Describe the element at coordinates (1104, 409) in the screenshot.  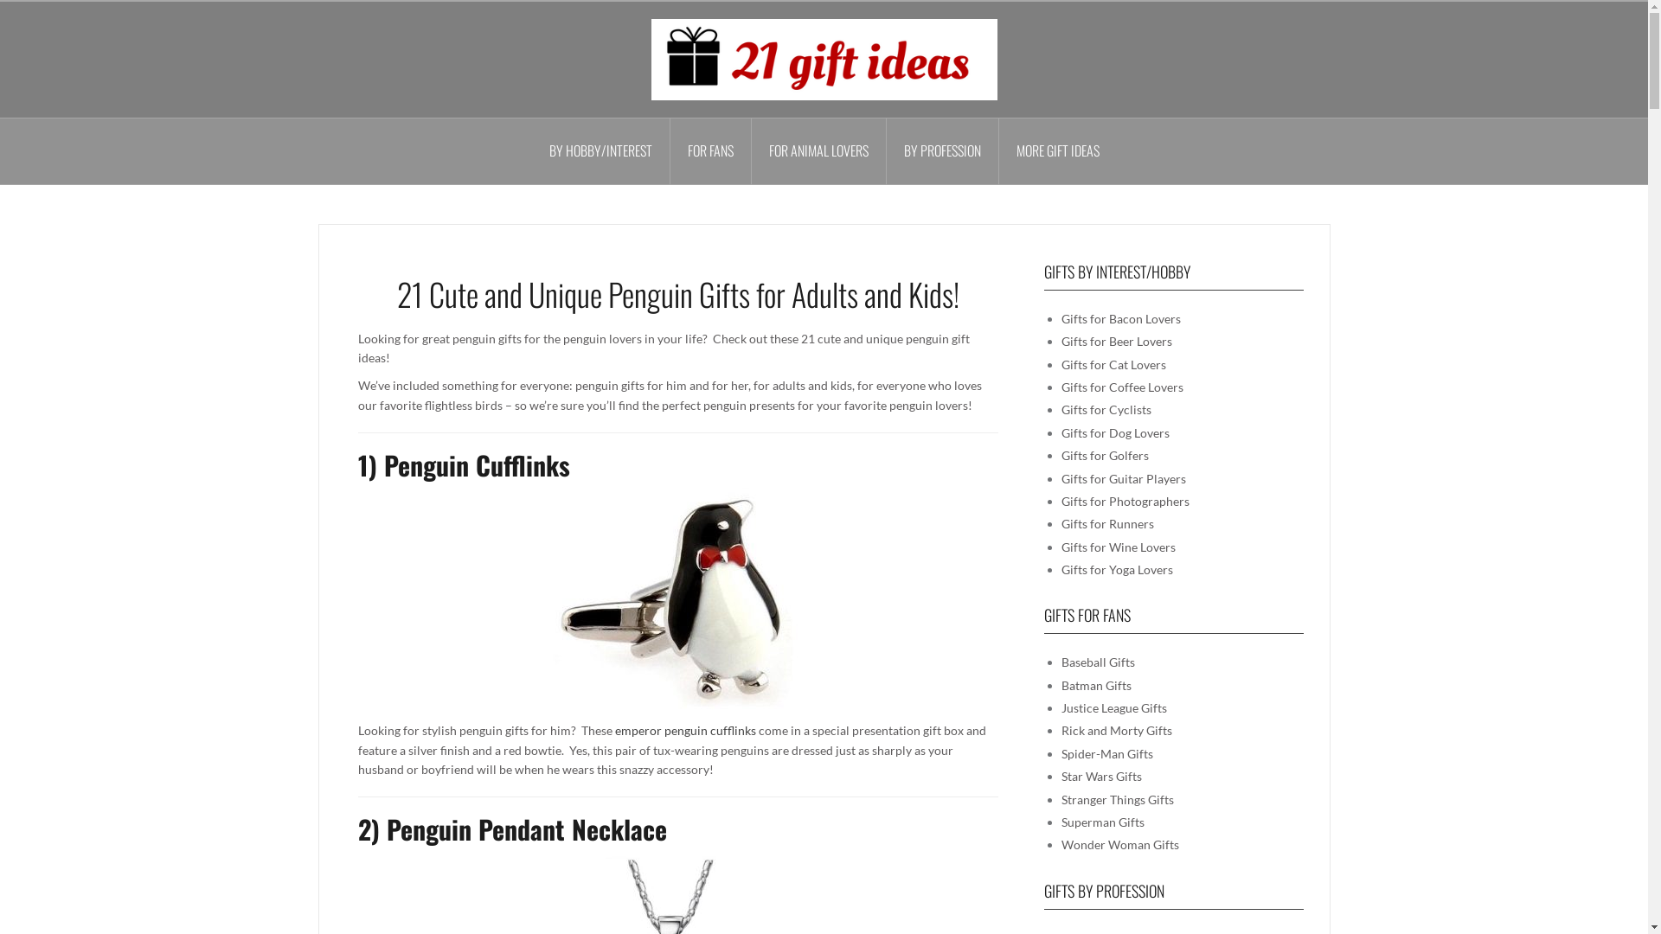
I see `'Gifts for Cyclists'` at that location.